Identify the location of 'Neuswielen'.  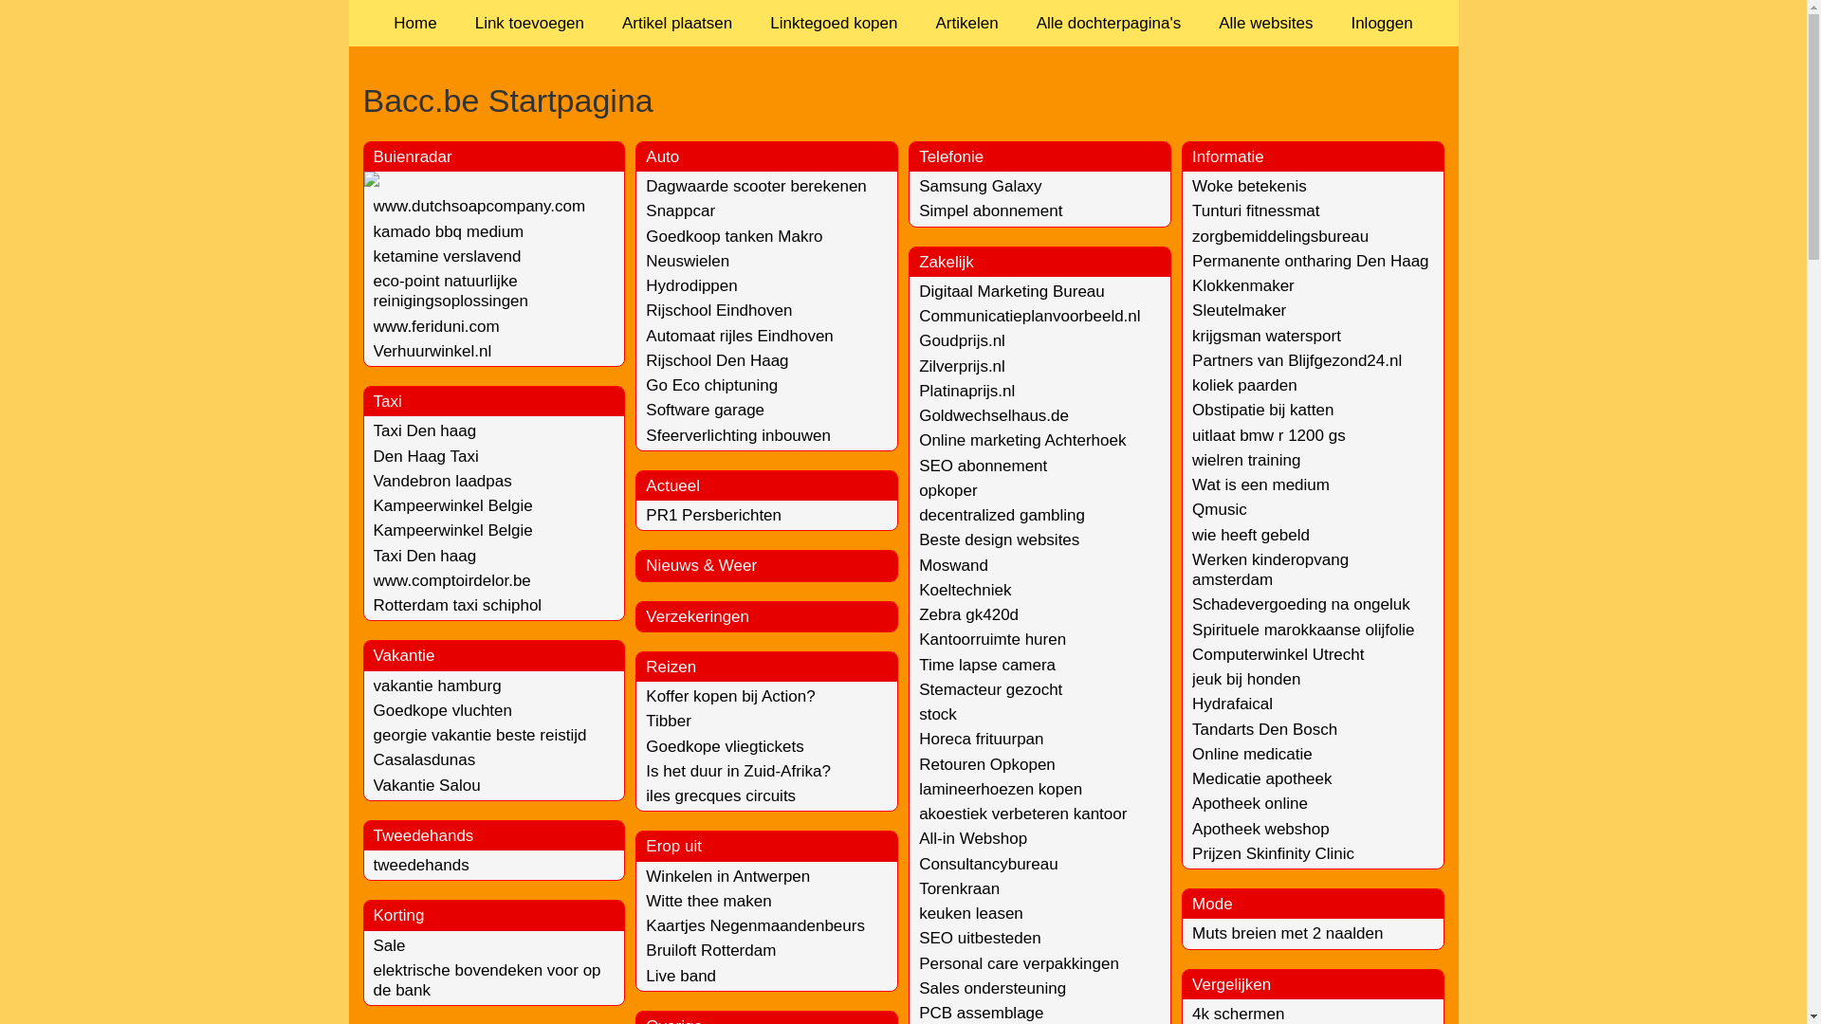
(686, 261).